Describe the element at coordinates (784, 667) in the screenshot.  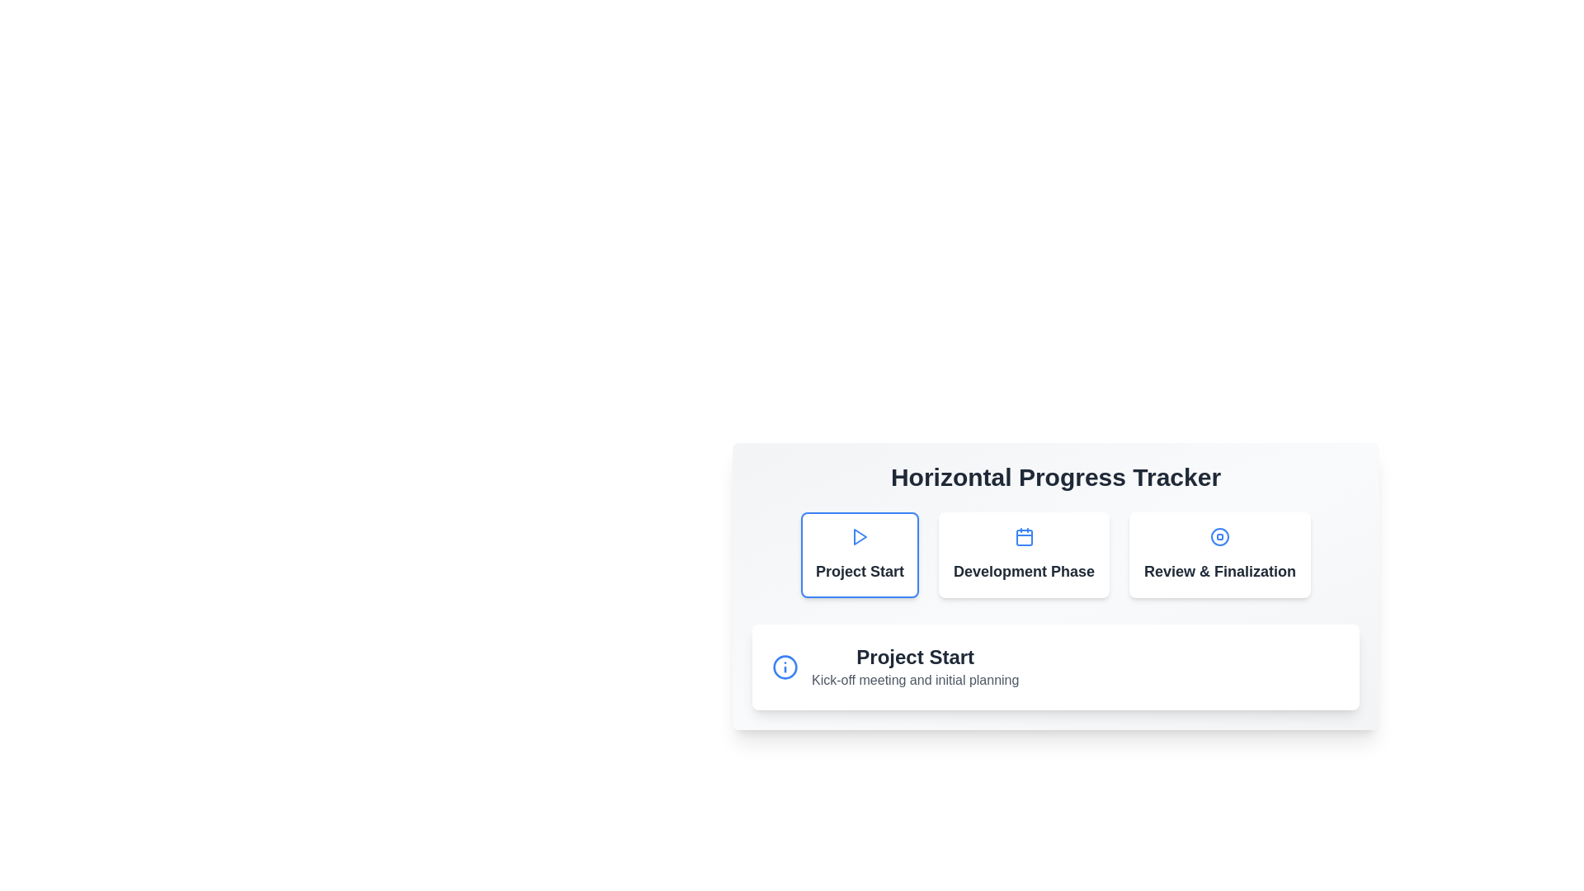
I see `the informational icon located to the far left of the 'Project Start' and 'Kick-off meeting and initial planning' text block` at that location.